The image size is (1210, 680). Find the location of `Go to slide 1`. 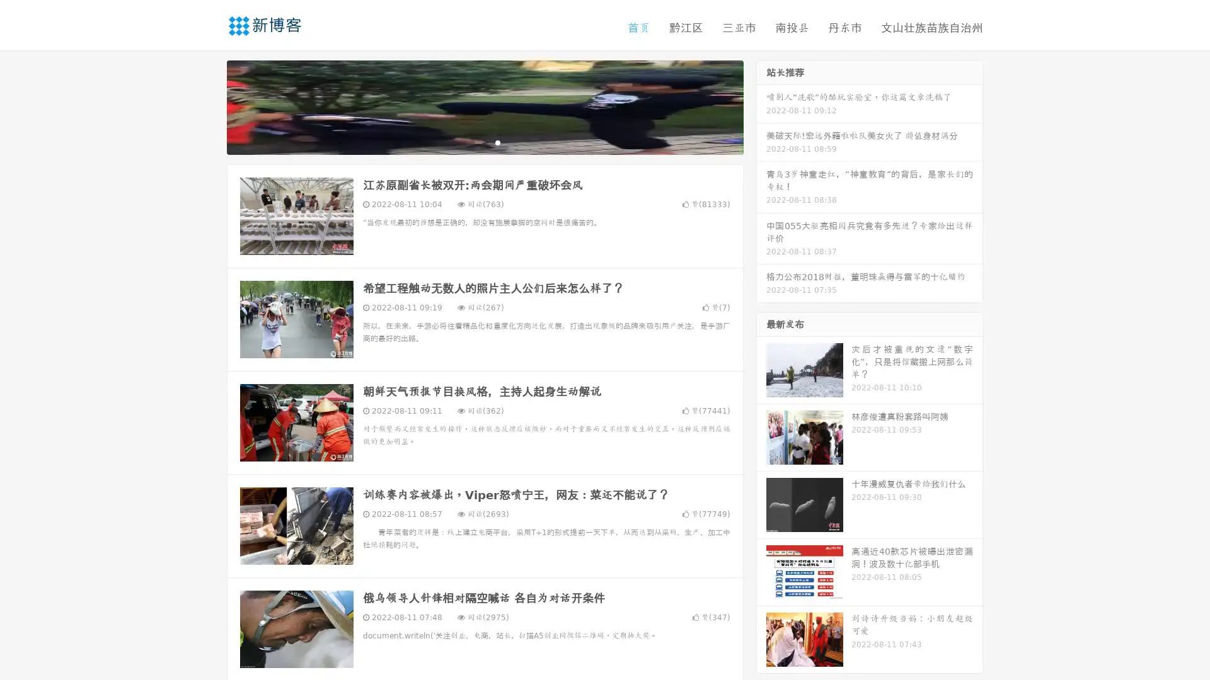

Go to slide 1 is located at coordinates (471, 142).